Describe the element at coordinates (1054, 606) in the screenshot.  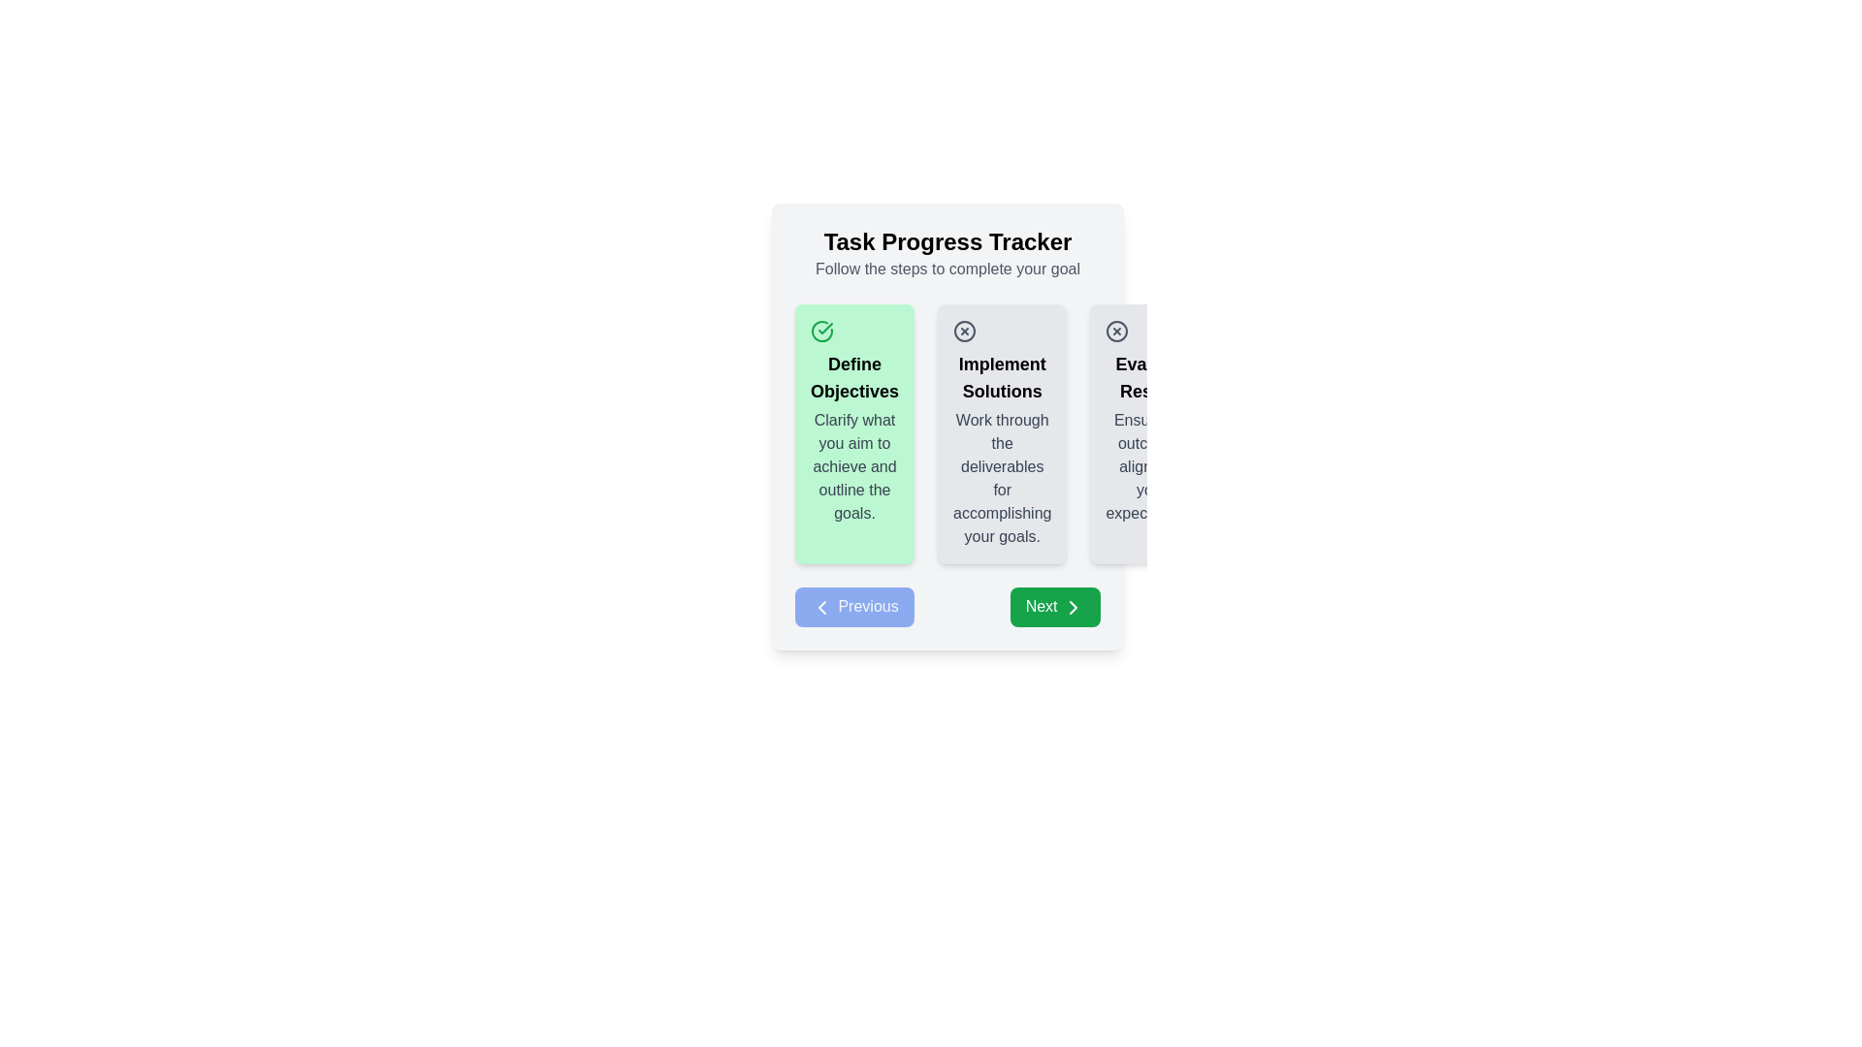
I see `the navigation button for advancing to the next step` at that location.